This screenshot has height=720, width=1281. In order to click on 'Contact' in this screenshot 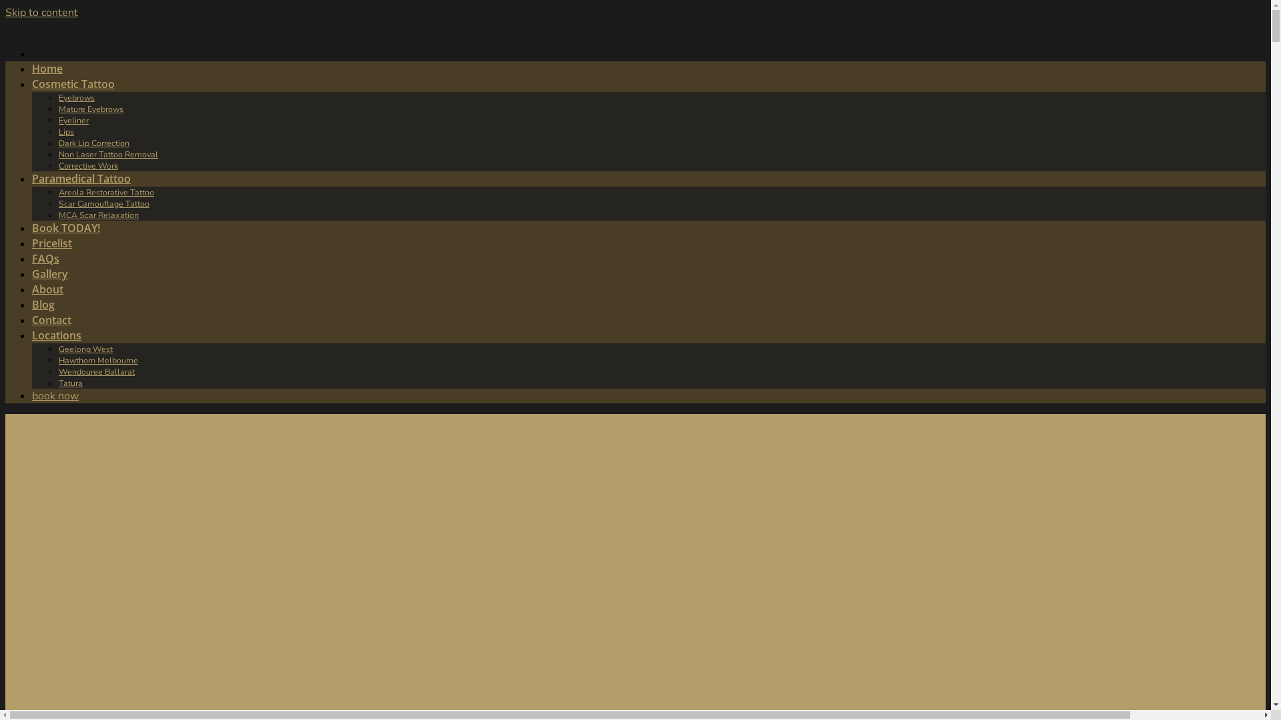, I will do `click(51, 319)`.